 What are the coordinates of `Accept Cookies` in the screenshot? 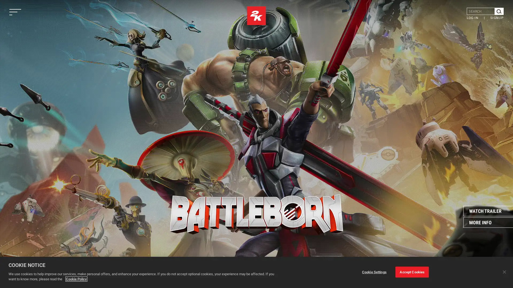 It's located at (412, 272).